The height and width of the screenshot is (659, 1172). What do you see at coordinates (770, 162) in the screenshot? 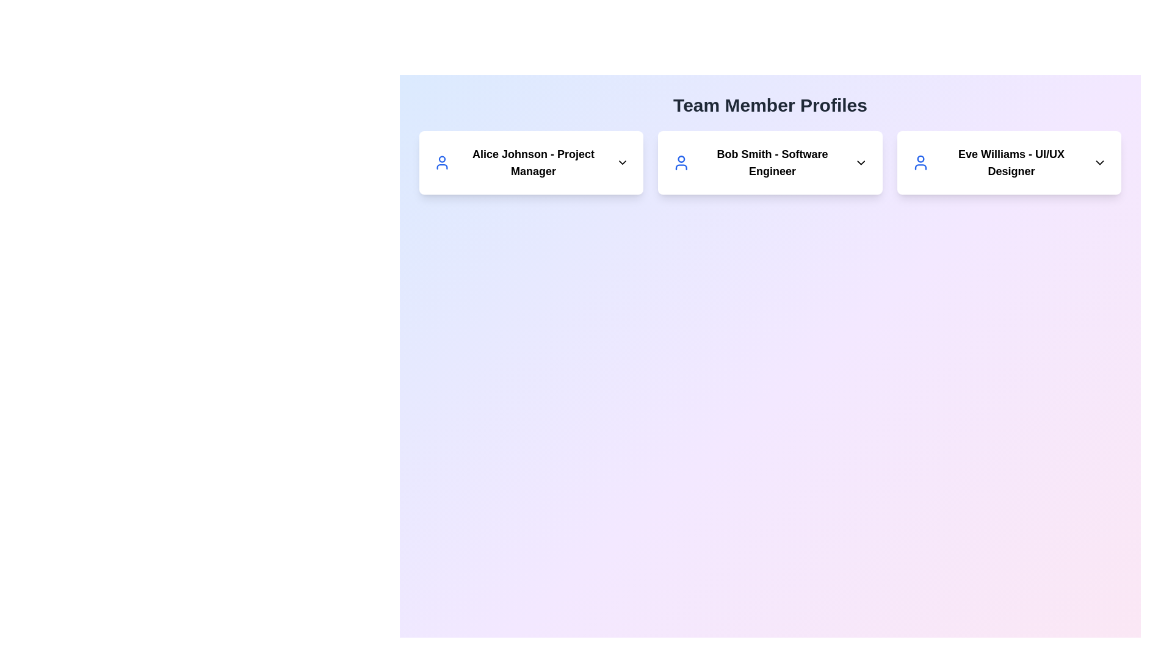
I see `the text label displaying 'Bob Smith - Software Engineer'` at bounding box center [770, 162].